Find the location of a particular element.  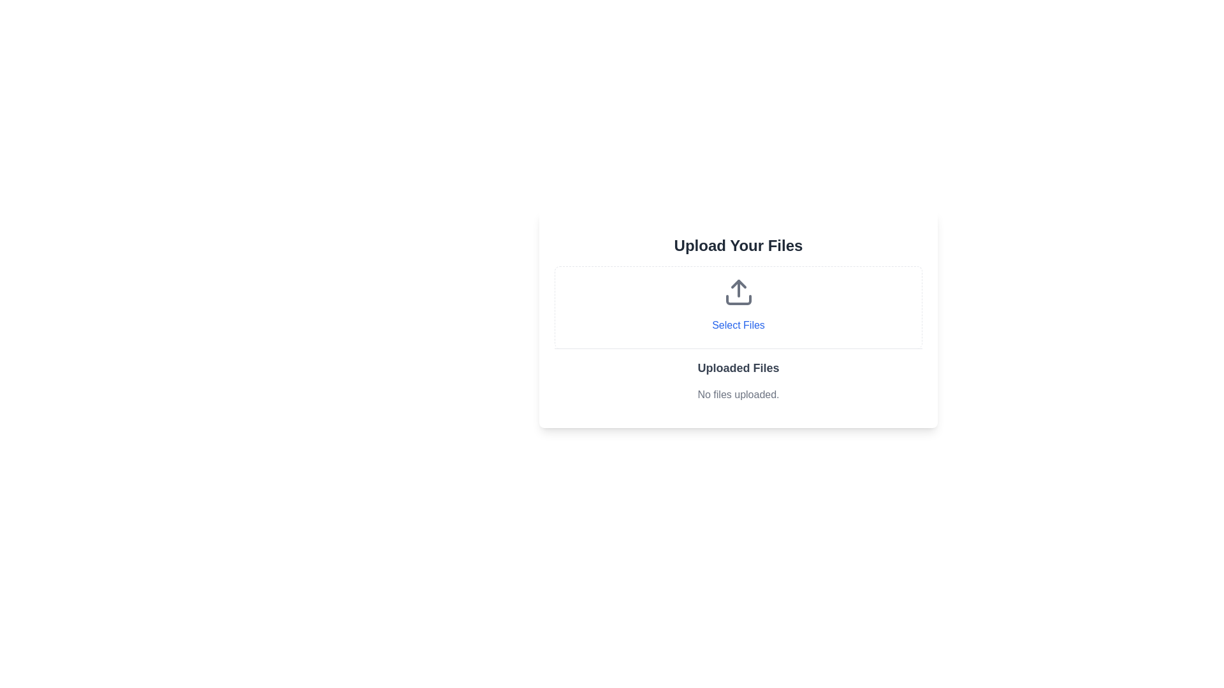

the interactive text button located directly below the upload icon in the 'Upload Your Files' section is located at coordinates (738, 324).